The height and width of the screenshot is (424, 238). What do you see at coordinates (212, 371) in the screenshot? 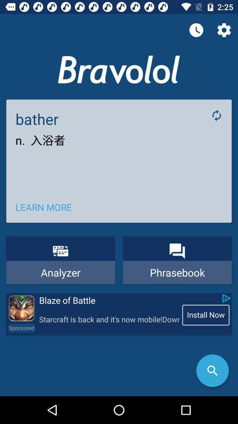
I see `icon below the install now item` at bounding box center [212, 371].